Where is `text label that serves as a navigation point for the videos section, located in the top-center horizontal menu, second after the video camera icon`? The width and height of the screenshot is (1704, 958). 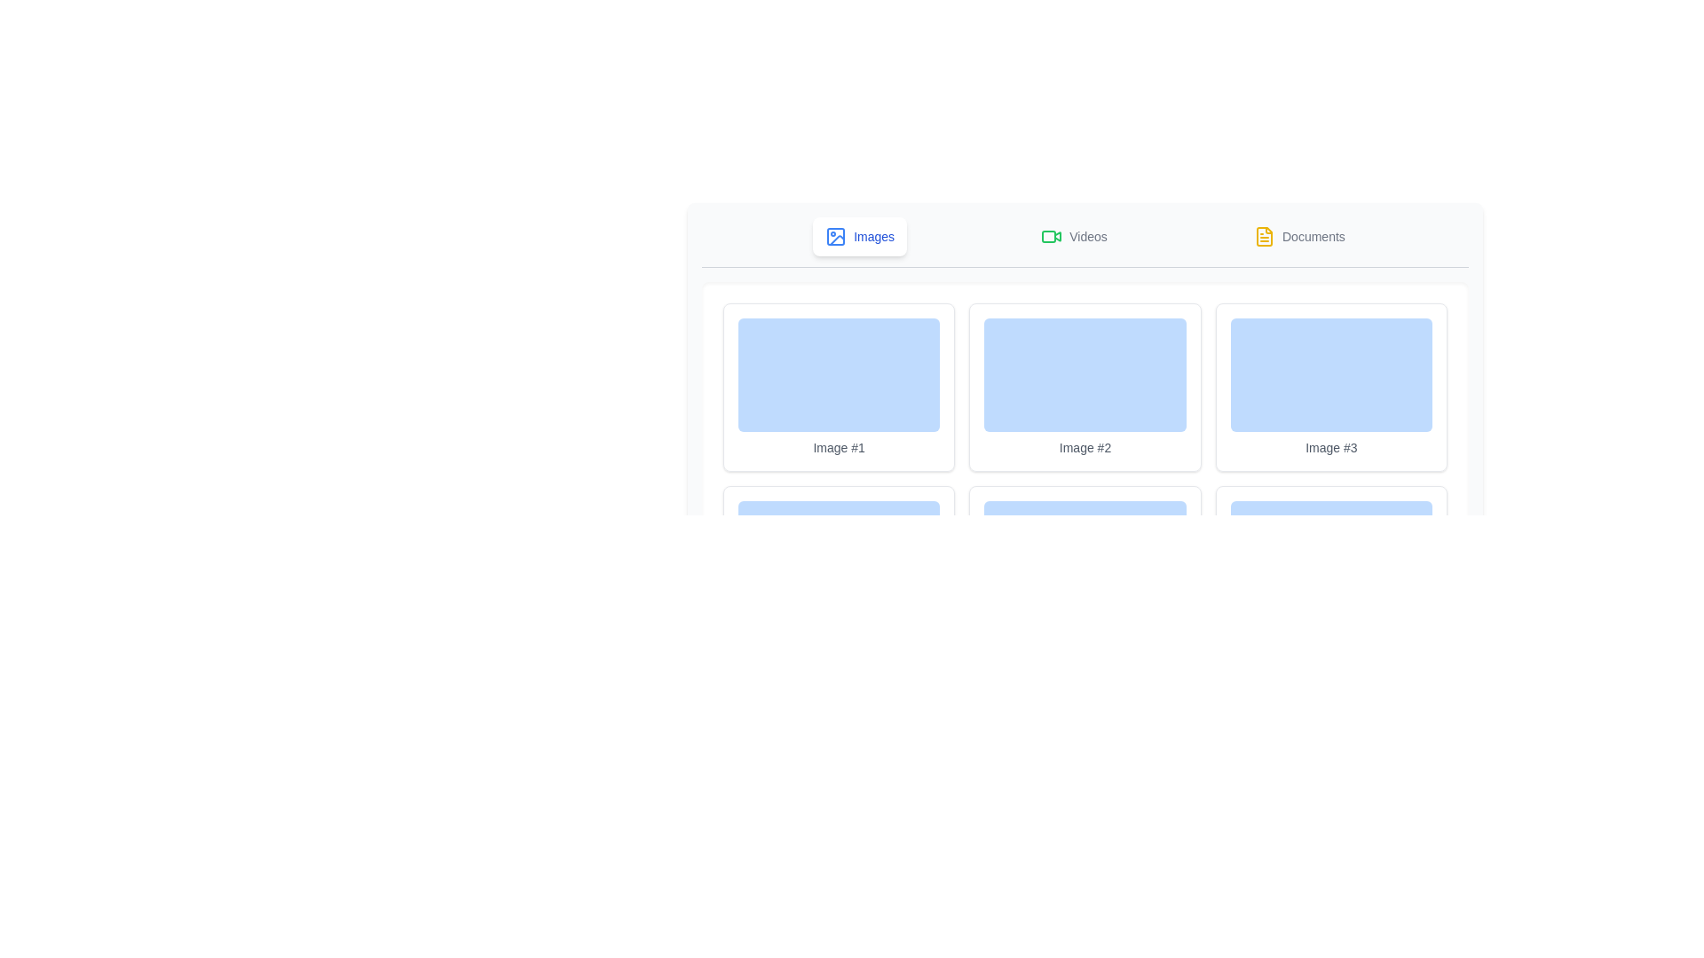
text label that serves as a navigation point for the videos section, located in the top-center horizontal menu, second after the video camera icon is located at coordinates (1087, 235).